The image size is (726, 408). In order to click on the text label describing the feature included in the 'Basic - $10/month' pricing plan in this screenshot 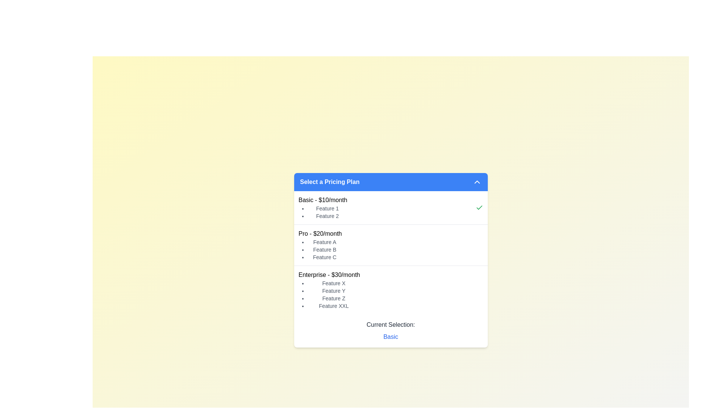, I will do `click(327, 208)`.